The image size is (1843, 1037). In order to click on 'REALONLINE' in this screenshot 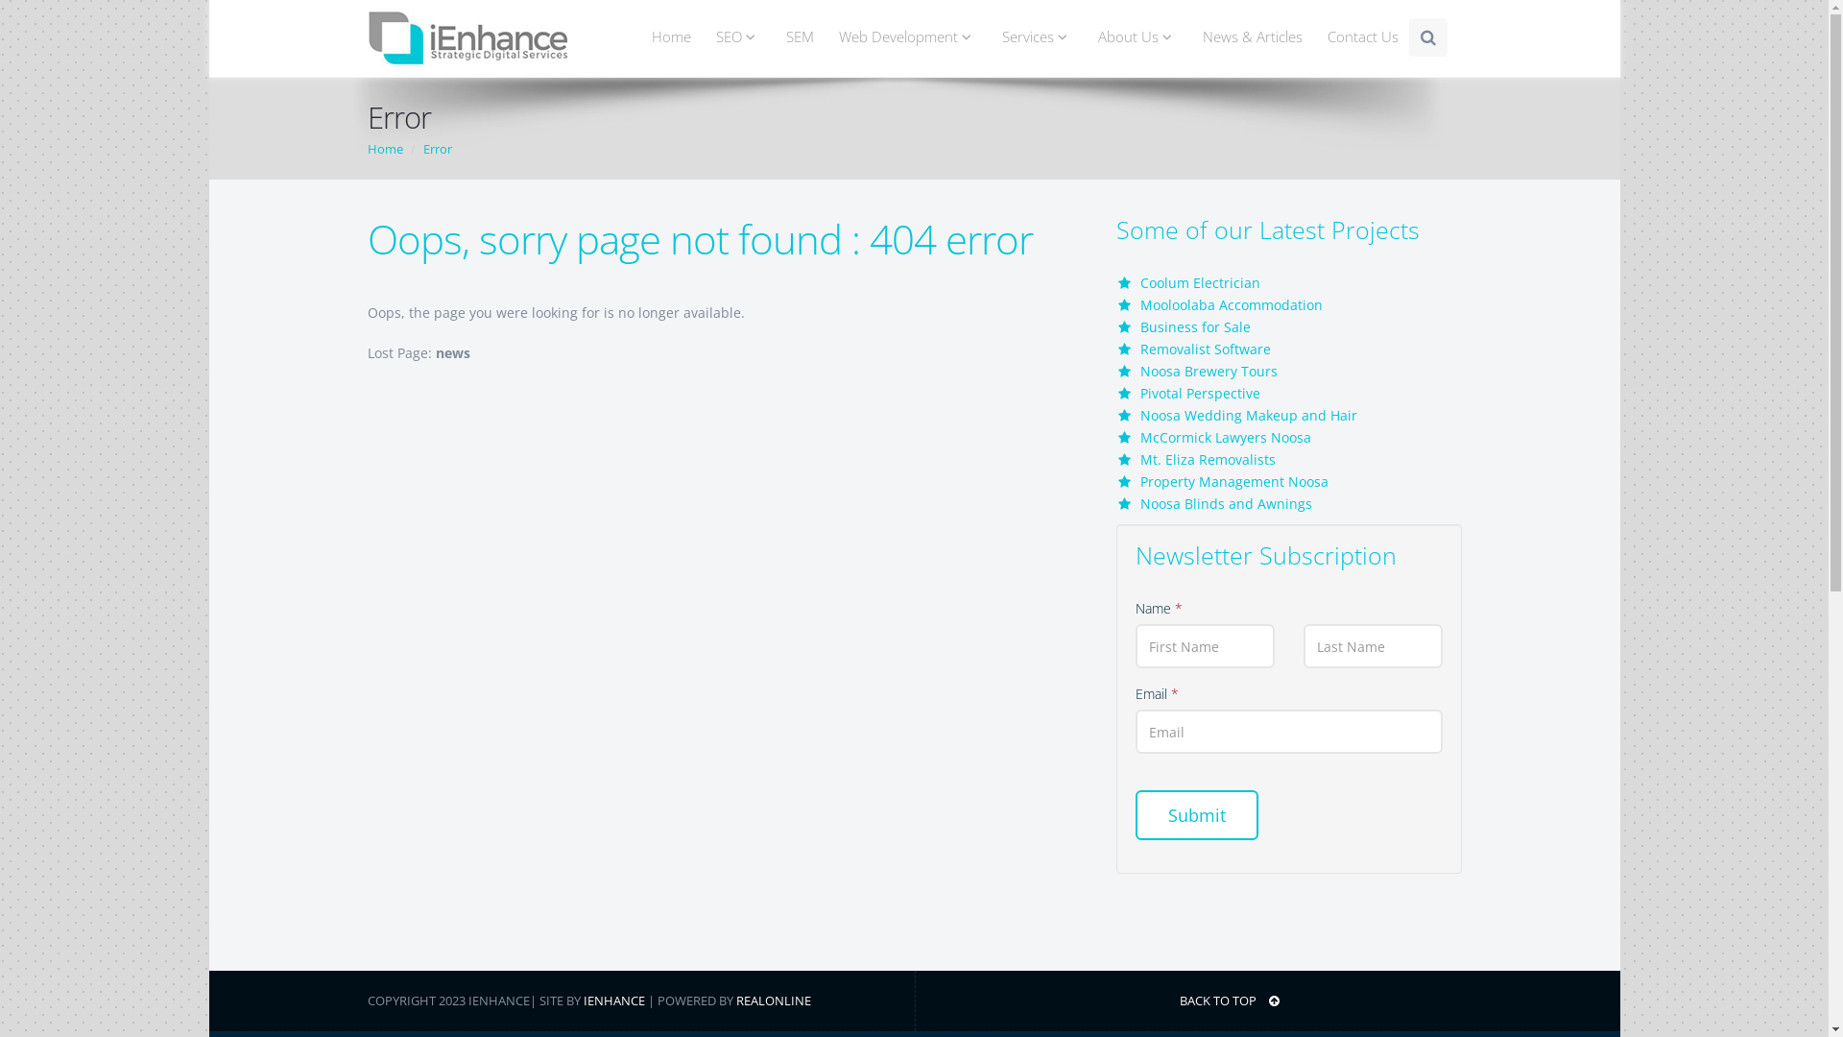, I will do `click(773, 999)`.